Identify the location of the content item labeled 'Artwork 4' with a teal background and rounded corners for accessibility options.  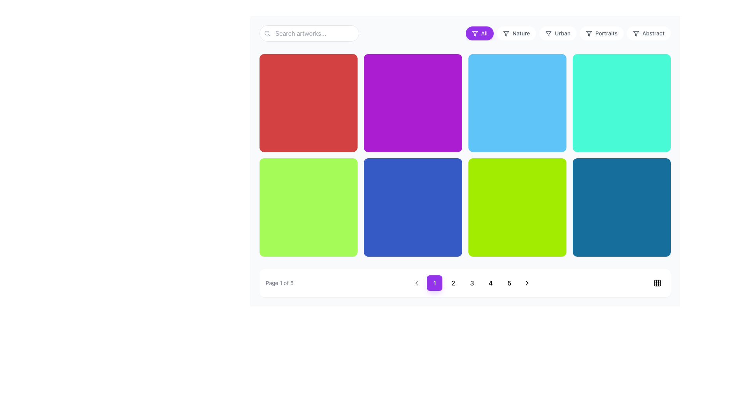
(621, 103).